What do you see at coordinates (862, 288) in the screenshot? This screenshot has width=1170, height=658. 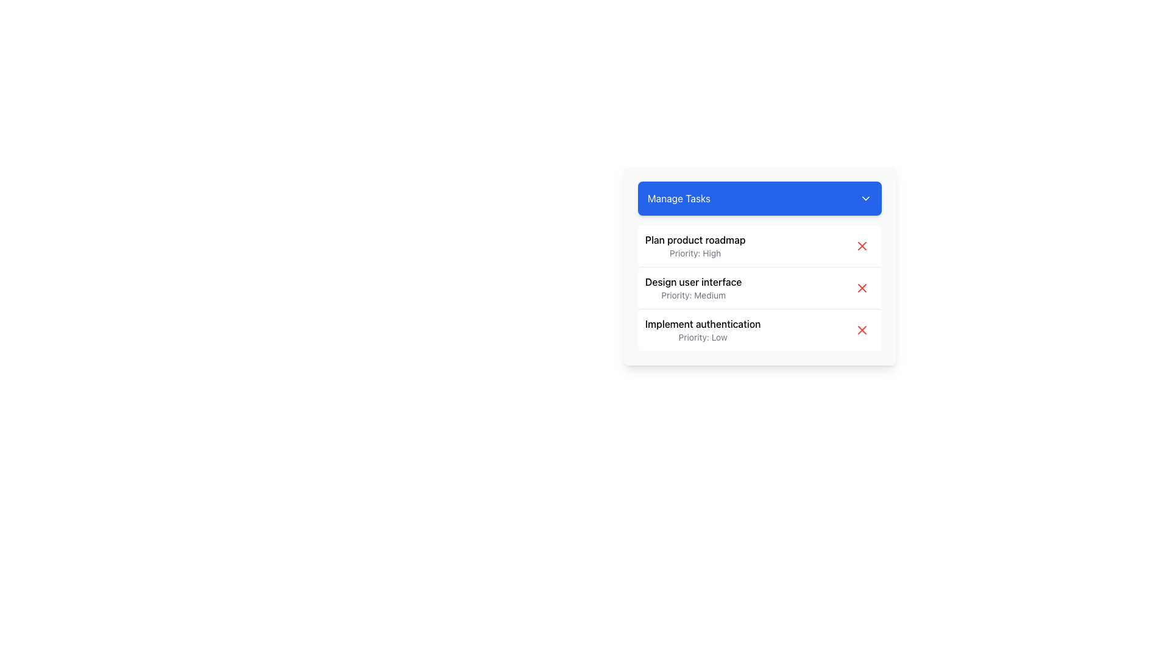 I see `the small red 'X' icon` at bounding box center [862, 288].